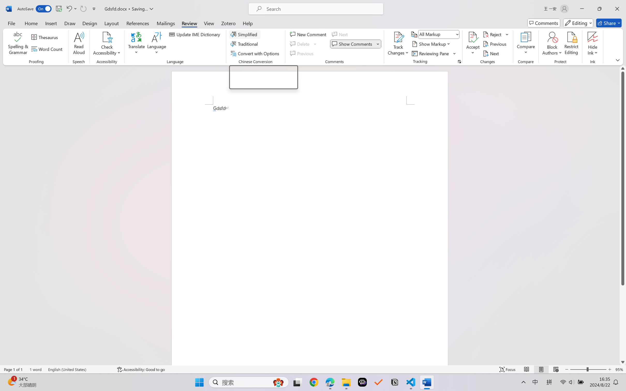 Image resolution: width=626 pixels, height=391 pixels. I want to click on 'Track Changes', so click(398, 37).